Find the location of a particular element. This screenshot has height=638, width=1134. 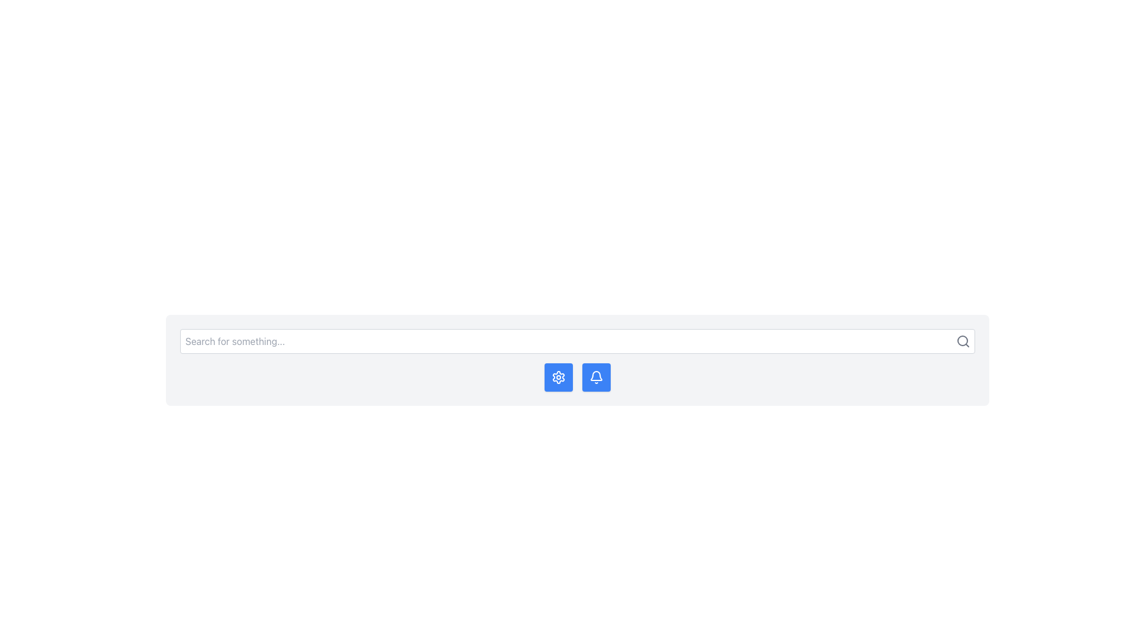

the bell-shaped icon within the circular button located at the bottom center of the layout is located at coordinates (596, 377).